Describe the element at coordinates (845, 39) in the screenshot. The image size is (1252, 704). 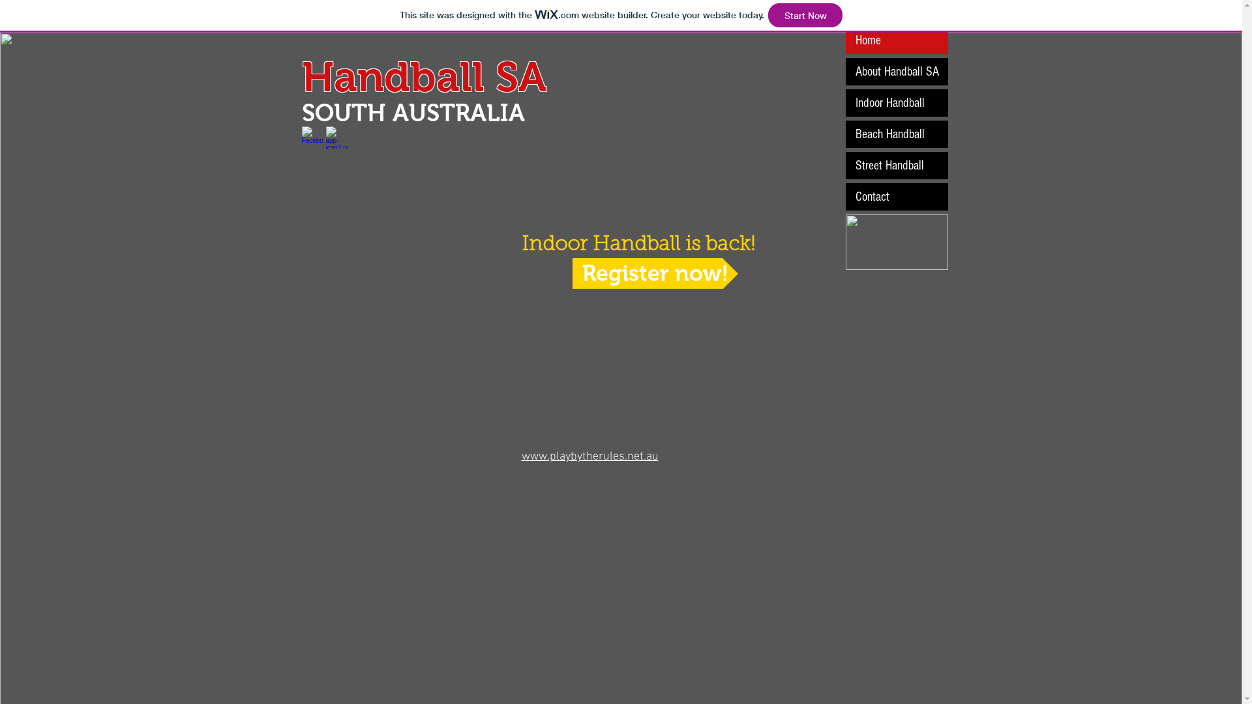
I see `'Home'` at that location.